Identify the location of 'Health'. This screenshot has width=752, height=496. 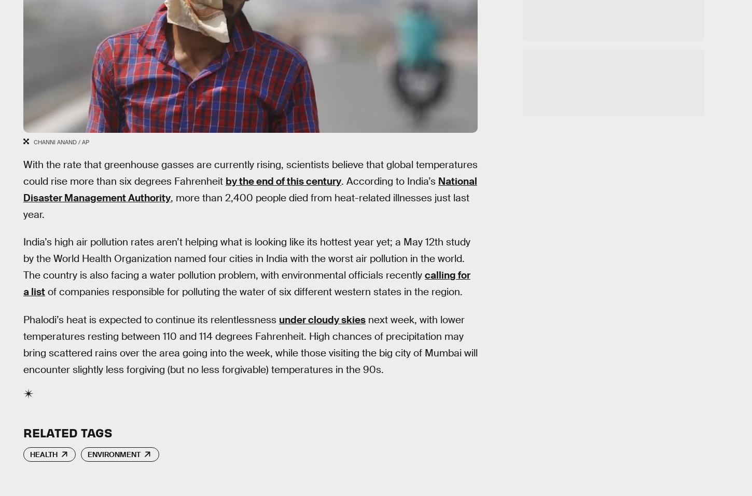
(30, 454).